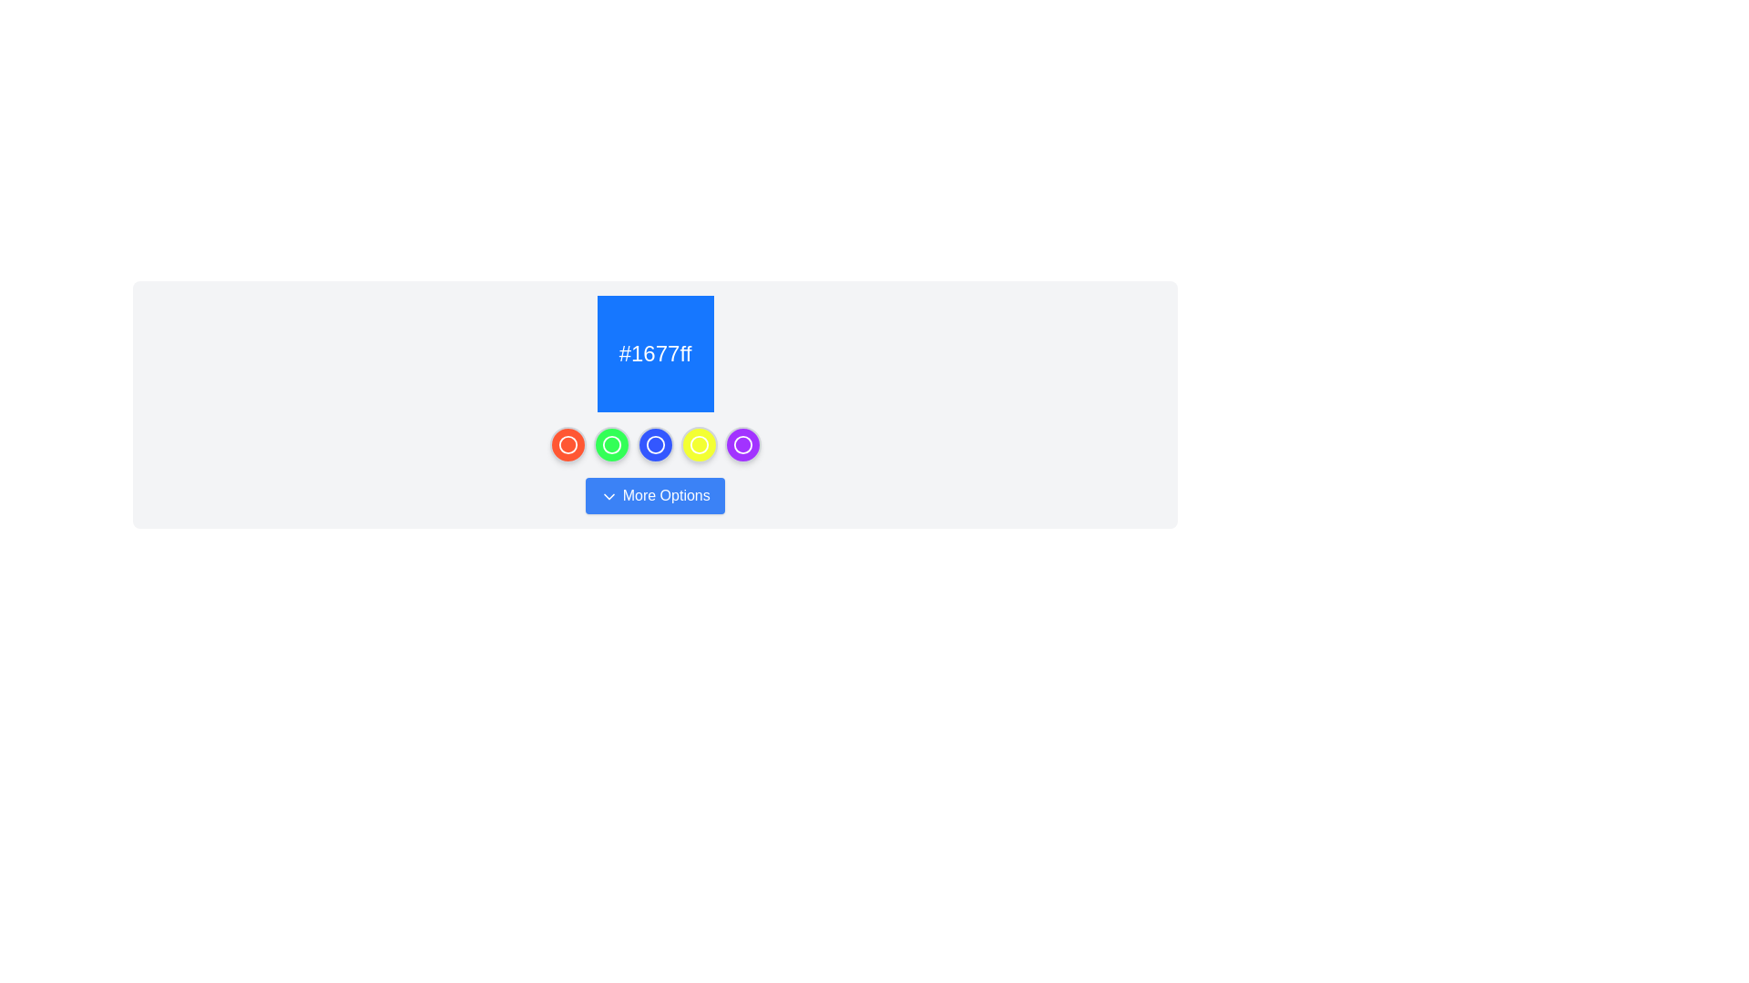  Describe the element at coordinates (567, 445) in the screenshot. I see `the first circular icon from the left, which represents or selects a red option, located below the blue rectangular box labeled '#1677ff'` at that location.